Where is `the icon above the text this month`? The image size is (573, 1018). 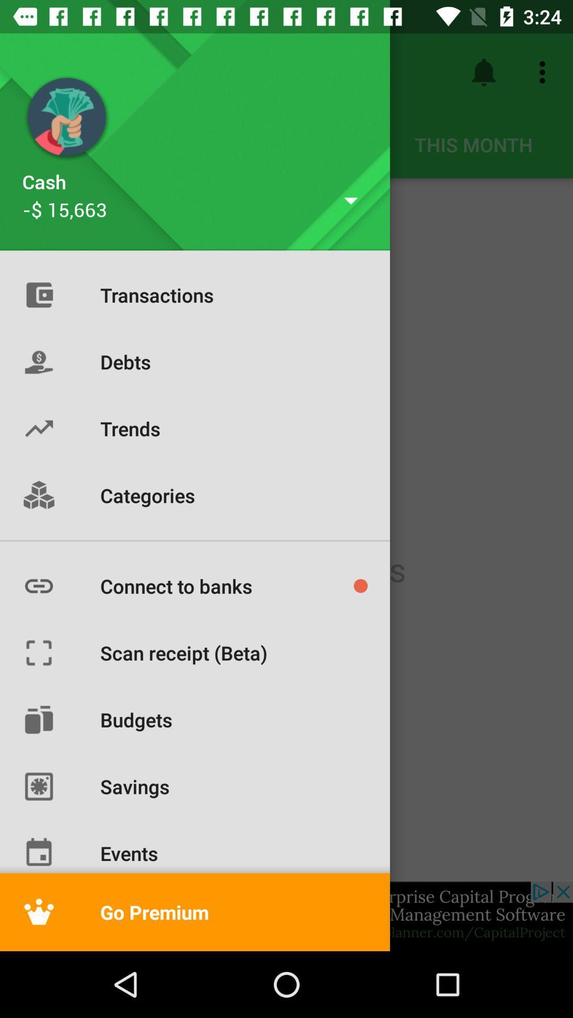 the icon above the text this month is located at coordinates (484, 72).